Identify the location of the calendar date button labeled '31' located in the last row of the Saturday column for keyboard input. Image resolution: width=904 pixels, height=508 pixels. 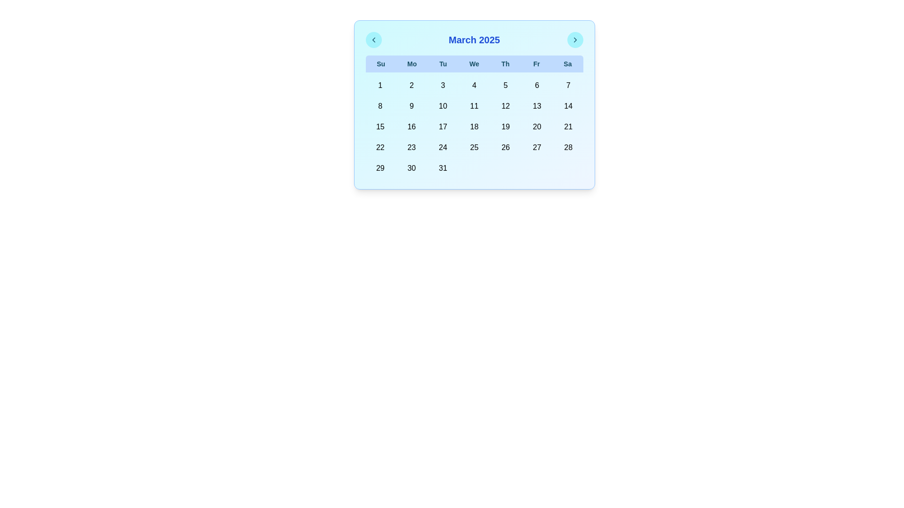
(442, 168).